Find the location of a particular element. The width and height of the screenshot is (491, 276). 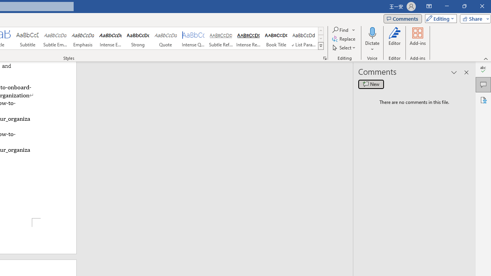

'Intense Reference' is located at coordinates (248, 38).